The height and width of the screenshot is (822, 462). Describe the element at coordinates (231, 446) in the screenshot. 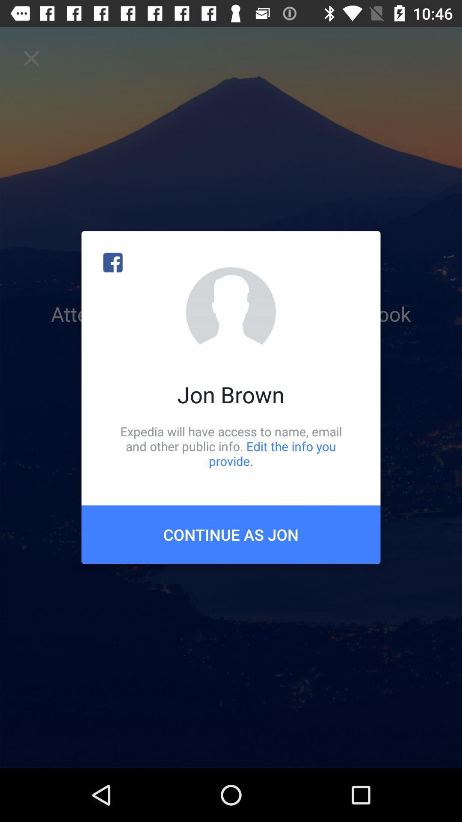

I see `expedia will have` at that location.